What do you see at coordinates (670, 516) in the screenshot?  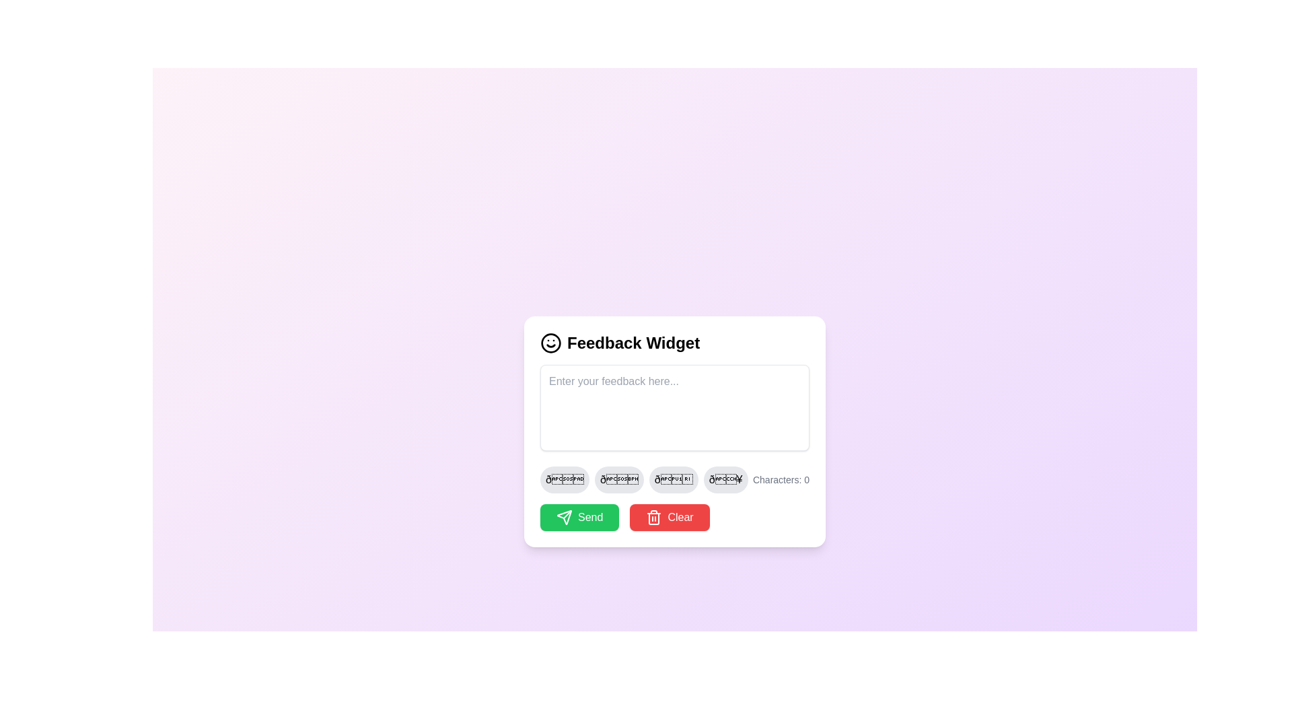 I see `the second button in the horizontally aligned pair, located immediately to the right of the green 'Send' button` at bounding box center [670, 516].